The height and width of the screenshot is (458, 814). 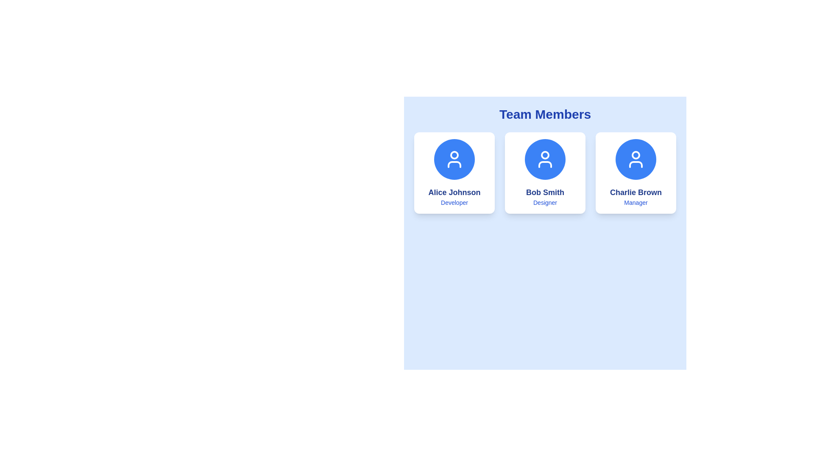 I want to click on the SVG Circle representing the user's head in the profile icon for 'Alice Johnson' in the 'Team Members' section, so click(x=454, y=155).